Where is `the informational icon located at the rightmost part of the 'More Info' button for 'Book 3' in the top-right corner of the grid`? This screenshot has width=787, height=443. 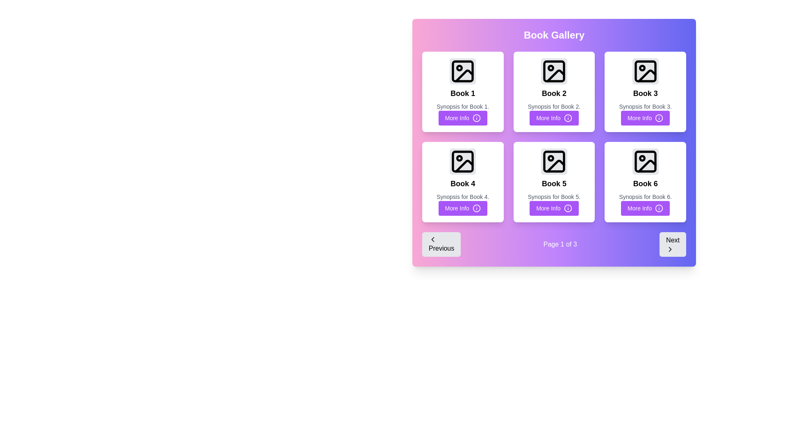
the informational icon located at the rightmost part of the 'More Info' button for 'Book 3' in the top-right corner of the grid is located at coordinates (659, 118).